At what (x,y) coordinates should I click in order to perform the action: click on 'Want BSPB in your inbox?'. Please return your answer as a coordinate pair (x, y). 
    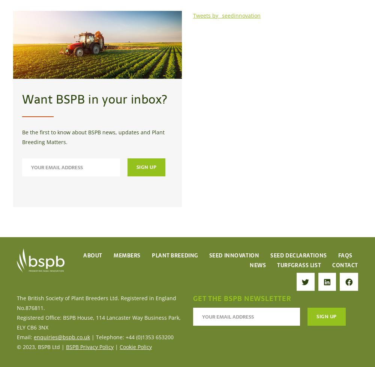
    Looking at the image, I should click on (94, 99).